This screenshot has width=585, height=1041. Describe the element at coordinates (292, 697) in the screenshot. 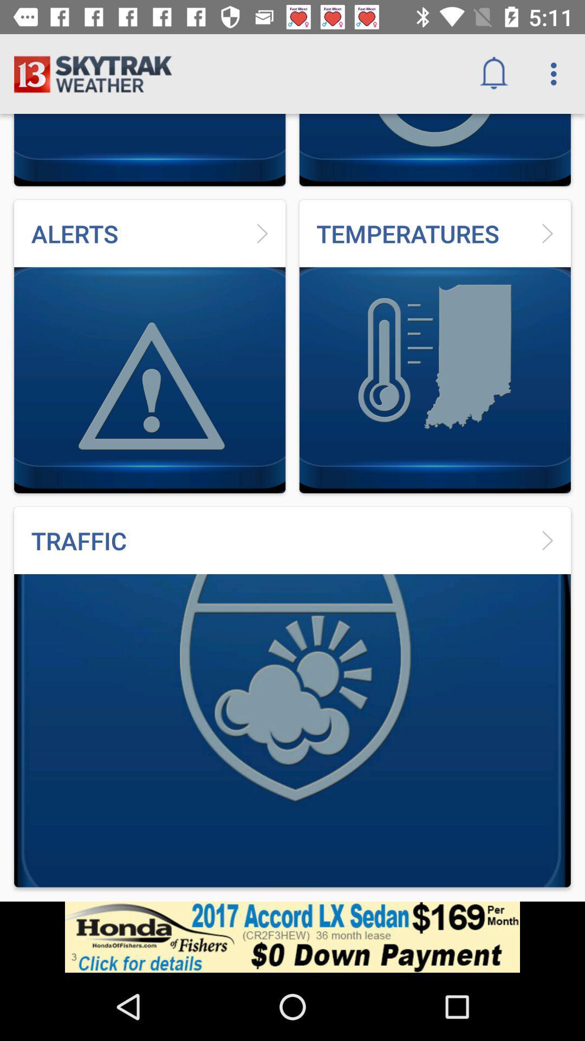

I see `the traffic image` at that location.